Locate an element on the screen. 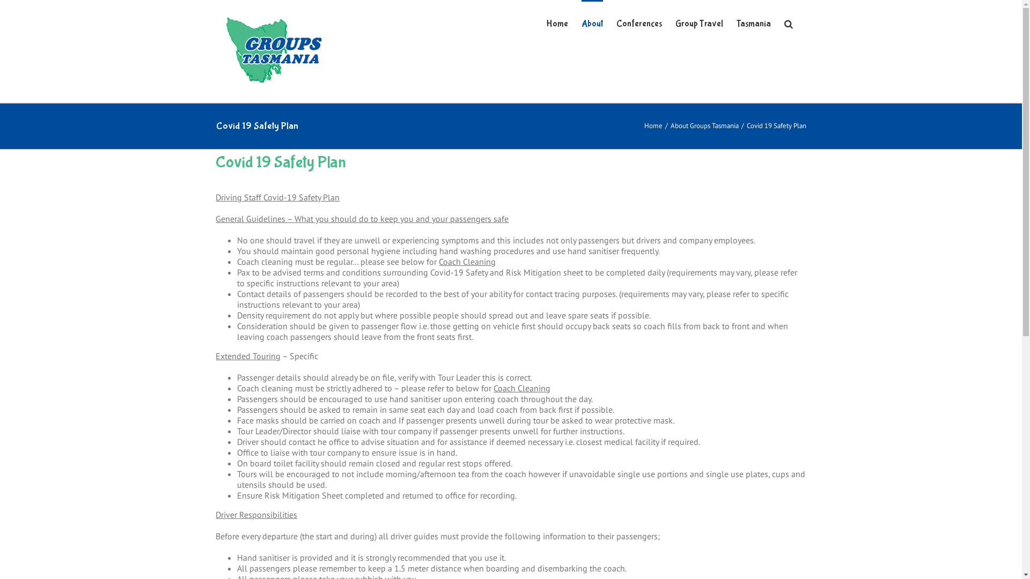 This screenshot has height=579, width=1030. 'Search' is located at coordinates (788, 23).